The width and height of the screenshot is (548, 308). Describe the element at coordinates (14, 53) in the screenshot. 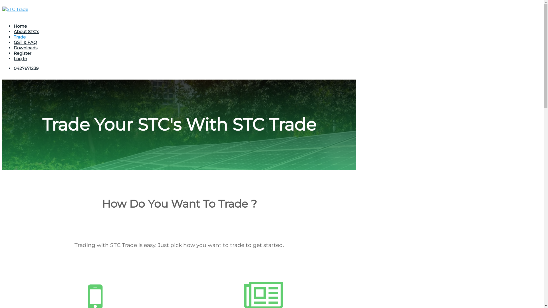

I see `'Register'` at that location.